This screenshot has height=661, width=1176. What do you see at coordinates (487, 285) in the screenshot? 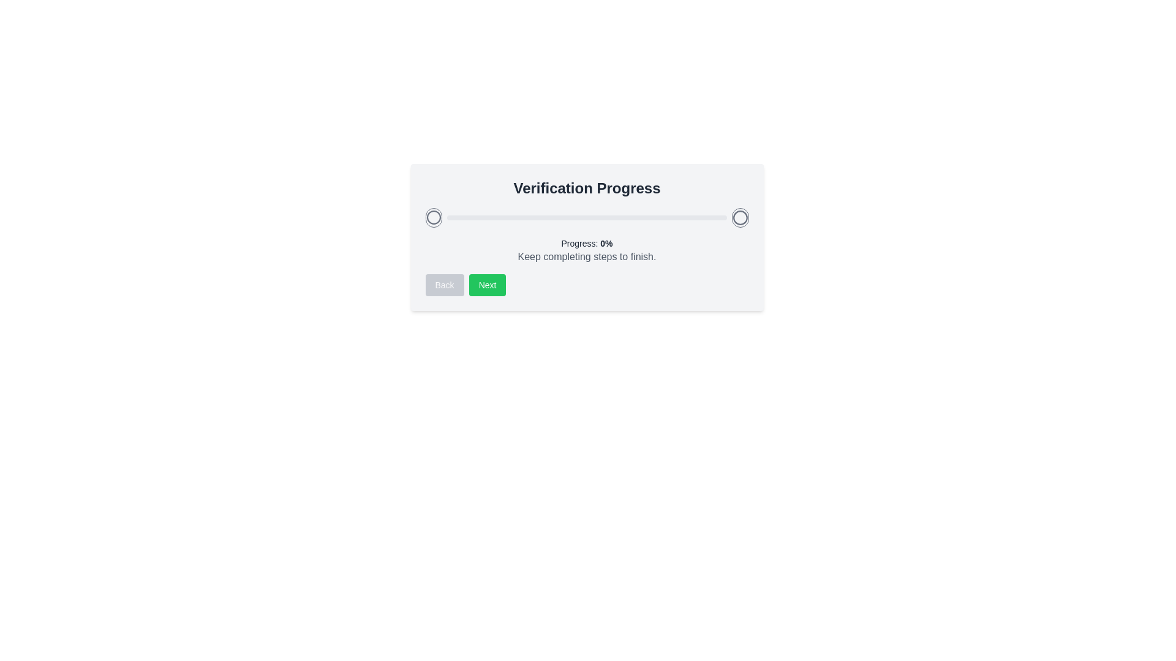
I see `the navigation button located at the bottom center of the interface, positioned to the right of the 'Back' button` at bounding box center [487, 285].